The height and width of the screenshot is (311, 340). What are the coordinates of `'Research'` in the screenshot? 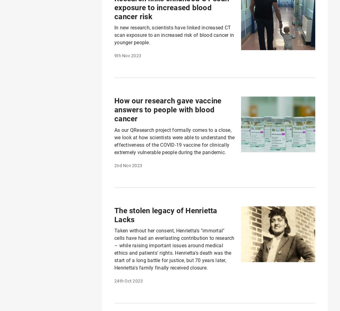 It's located at (28, 272).